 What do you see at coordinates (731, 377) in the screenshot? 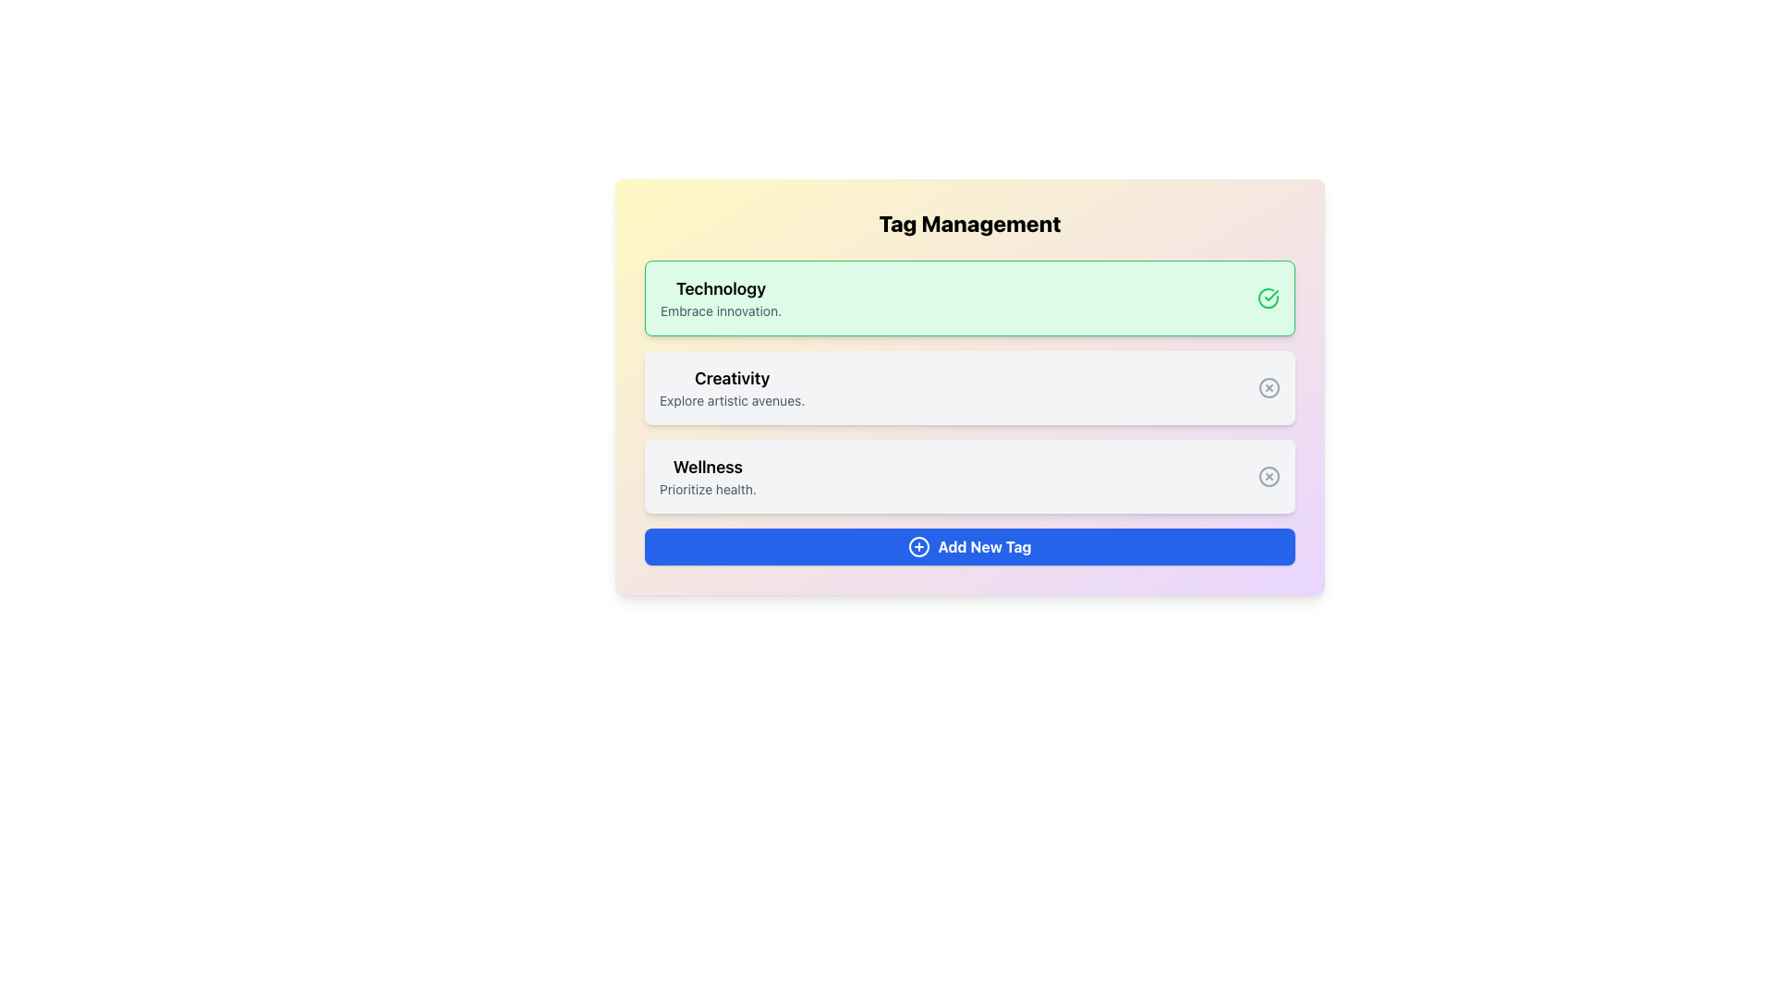
I see `the 'Creativity' text label` at bounding box center [731, 377].